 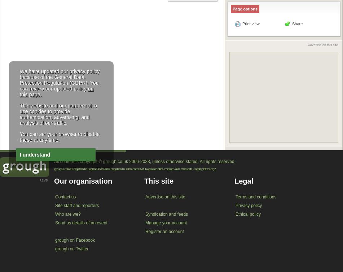 I want to click on 'I understand', so click(x=35, y=155).